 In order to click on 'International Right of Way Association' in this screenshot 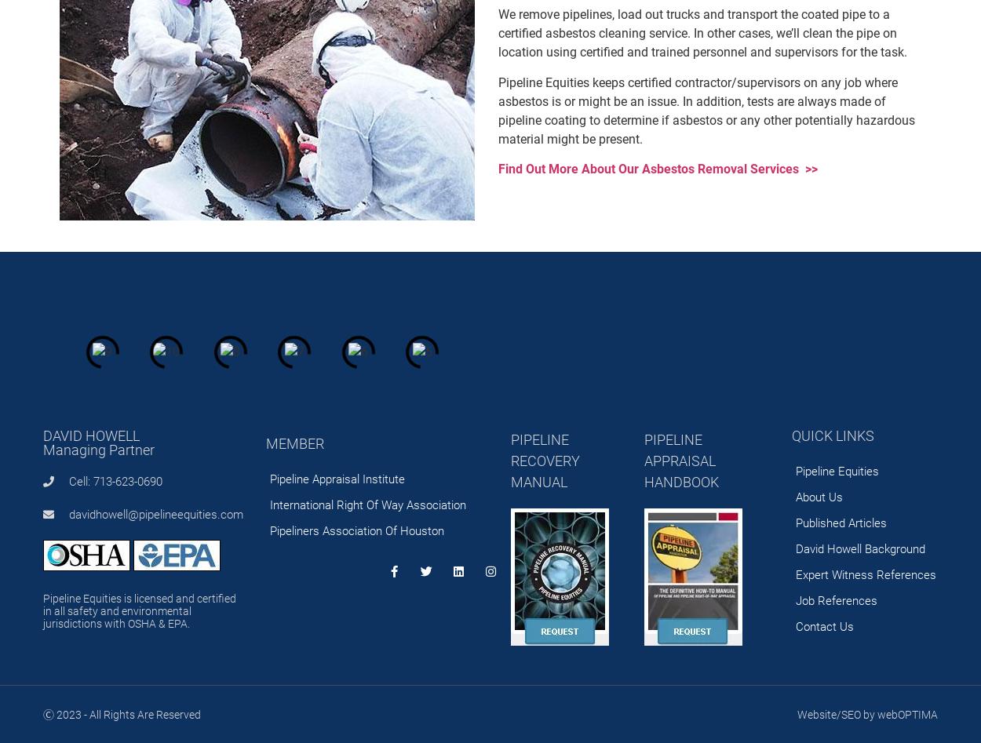, I will do `click(367, 504)`.